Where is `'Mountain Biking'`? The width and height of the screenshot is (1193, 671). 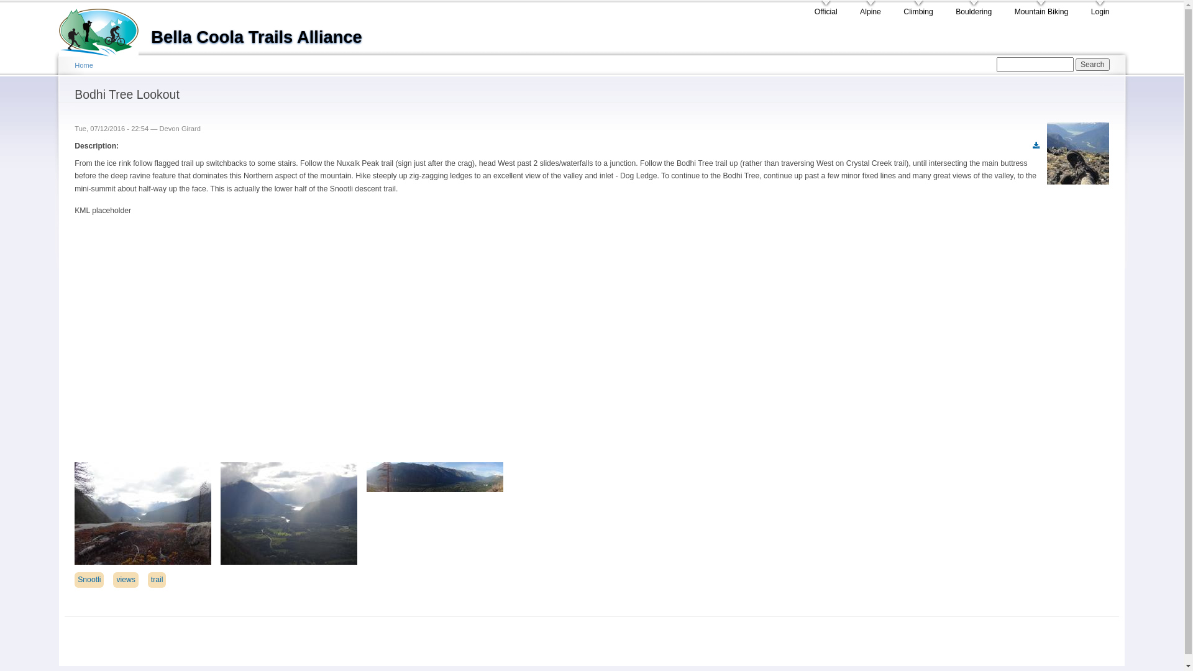
'Mountain Biking' is located at coordinates (1014, 9).